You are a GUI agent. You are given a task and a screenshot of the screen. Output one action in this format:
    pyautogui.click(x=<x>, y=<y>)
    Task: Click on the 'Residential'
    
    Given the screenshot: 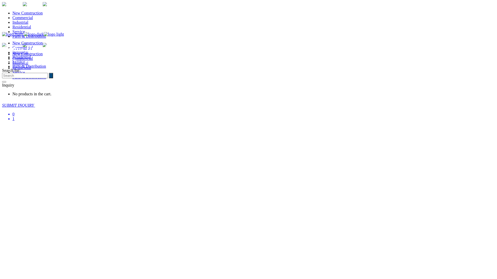 What is the action you would take?
    pyautogui.click(x=12, y=57)
    